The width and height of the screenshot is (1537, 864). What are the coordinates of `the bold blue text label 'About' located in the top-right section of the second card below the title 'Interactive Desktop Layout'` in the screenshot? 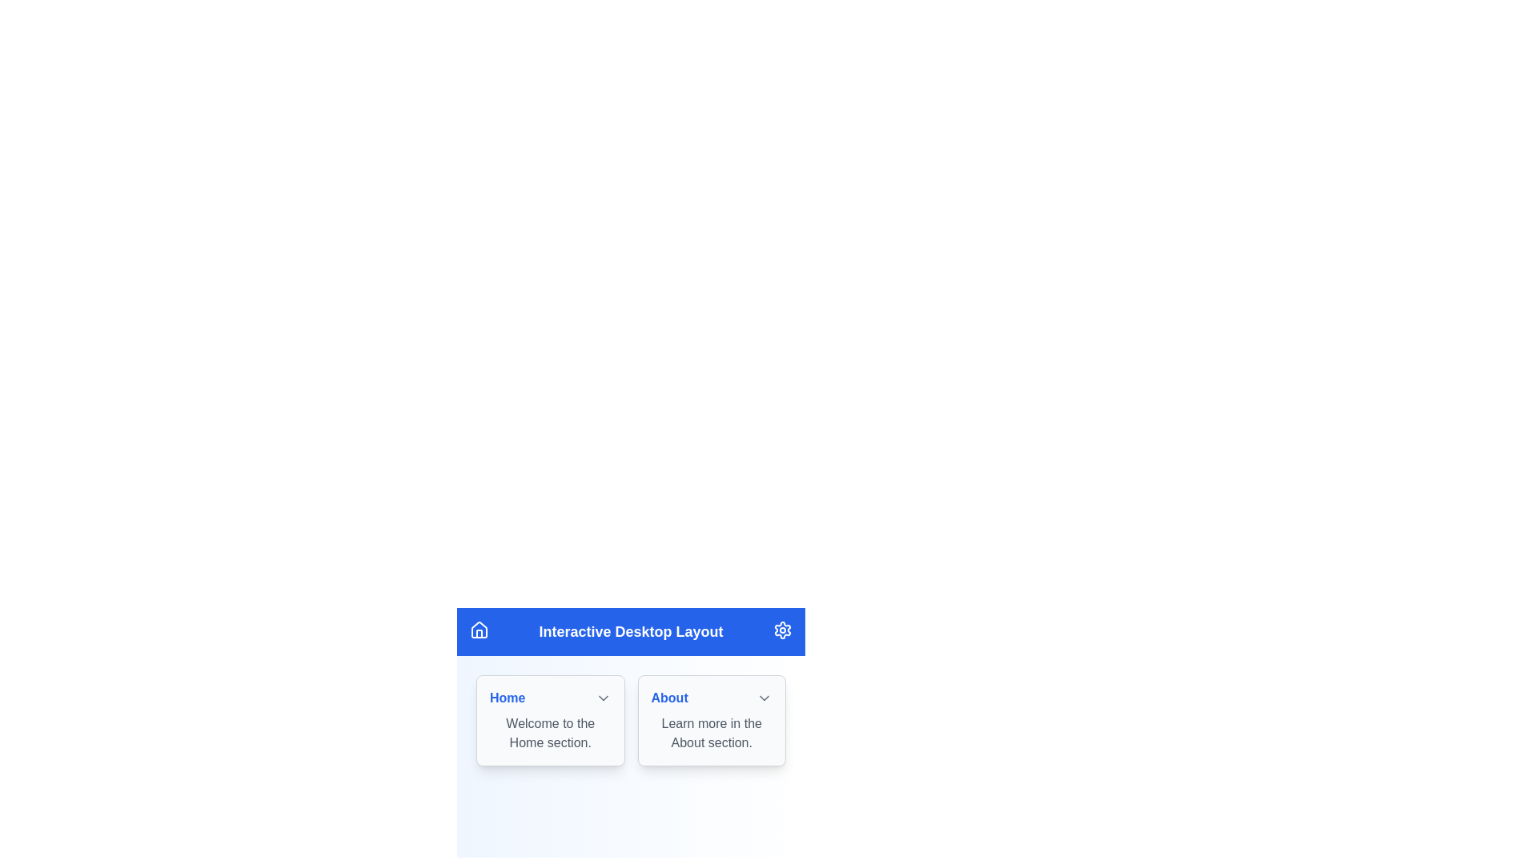 It's located at (669, 697).